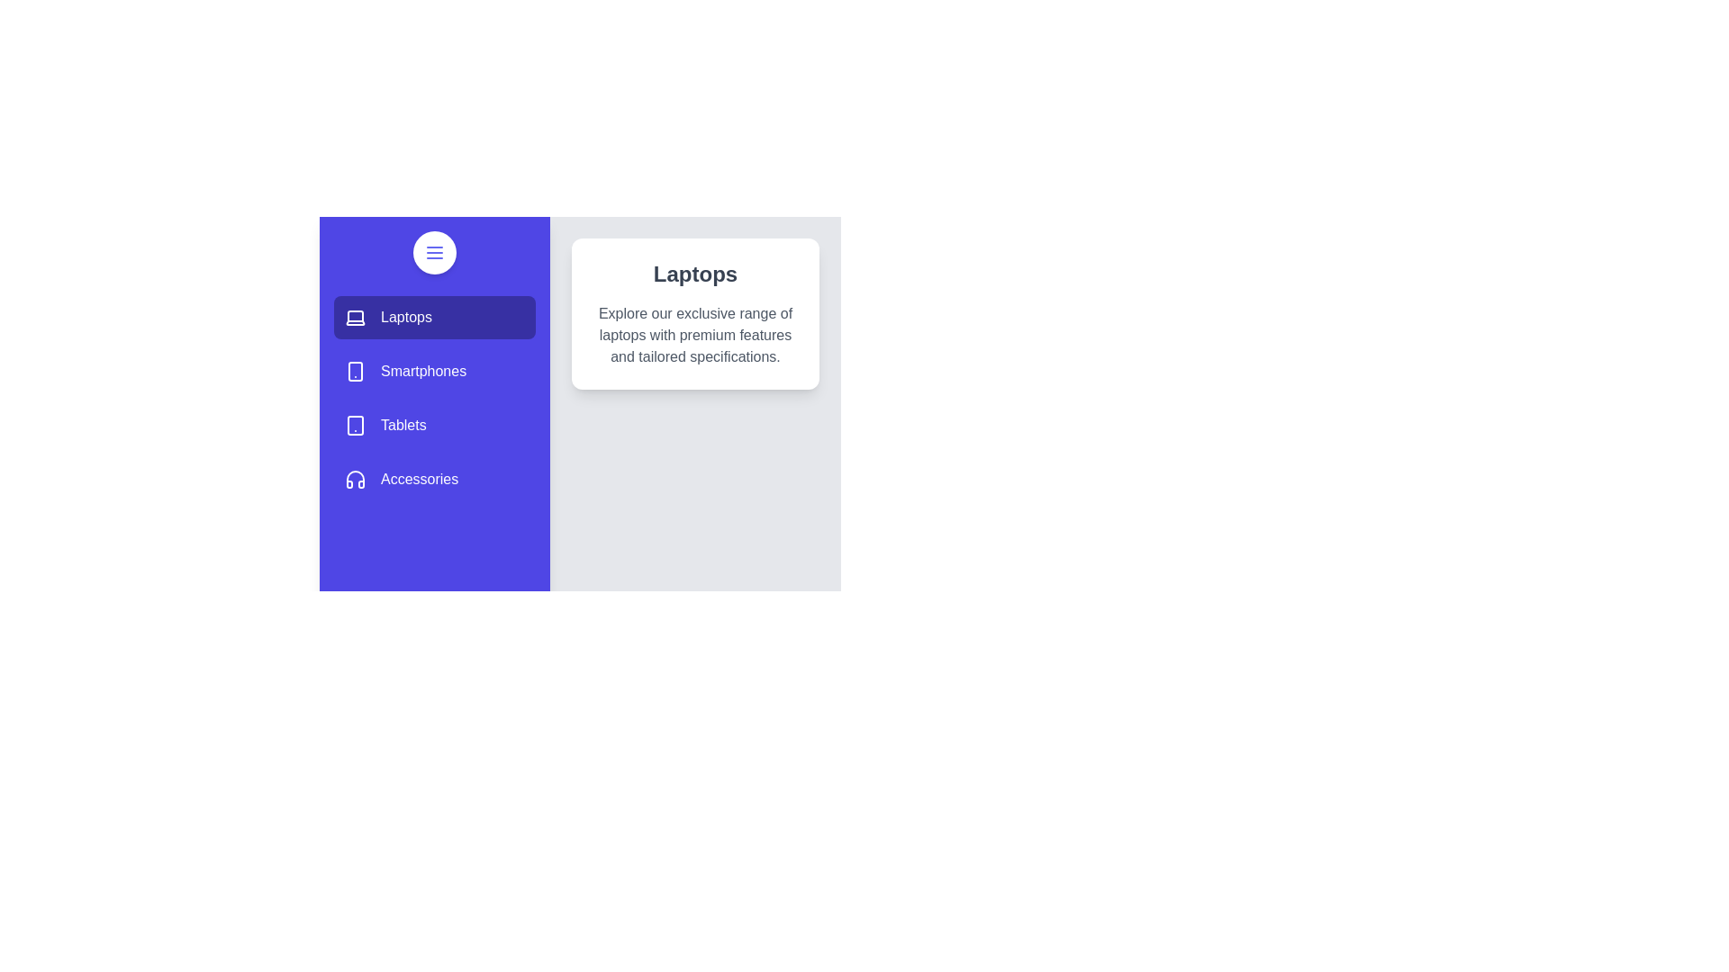 The image size is (1729, 972). Describe the element at coordinates (694, 336) in the screenshot. I see `the main content area to read the description text` at that location.